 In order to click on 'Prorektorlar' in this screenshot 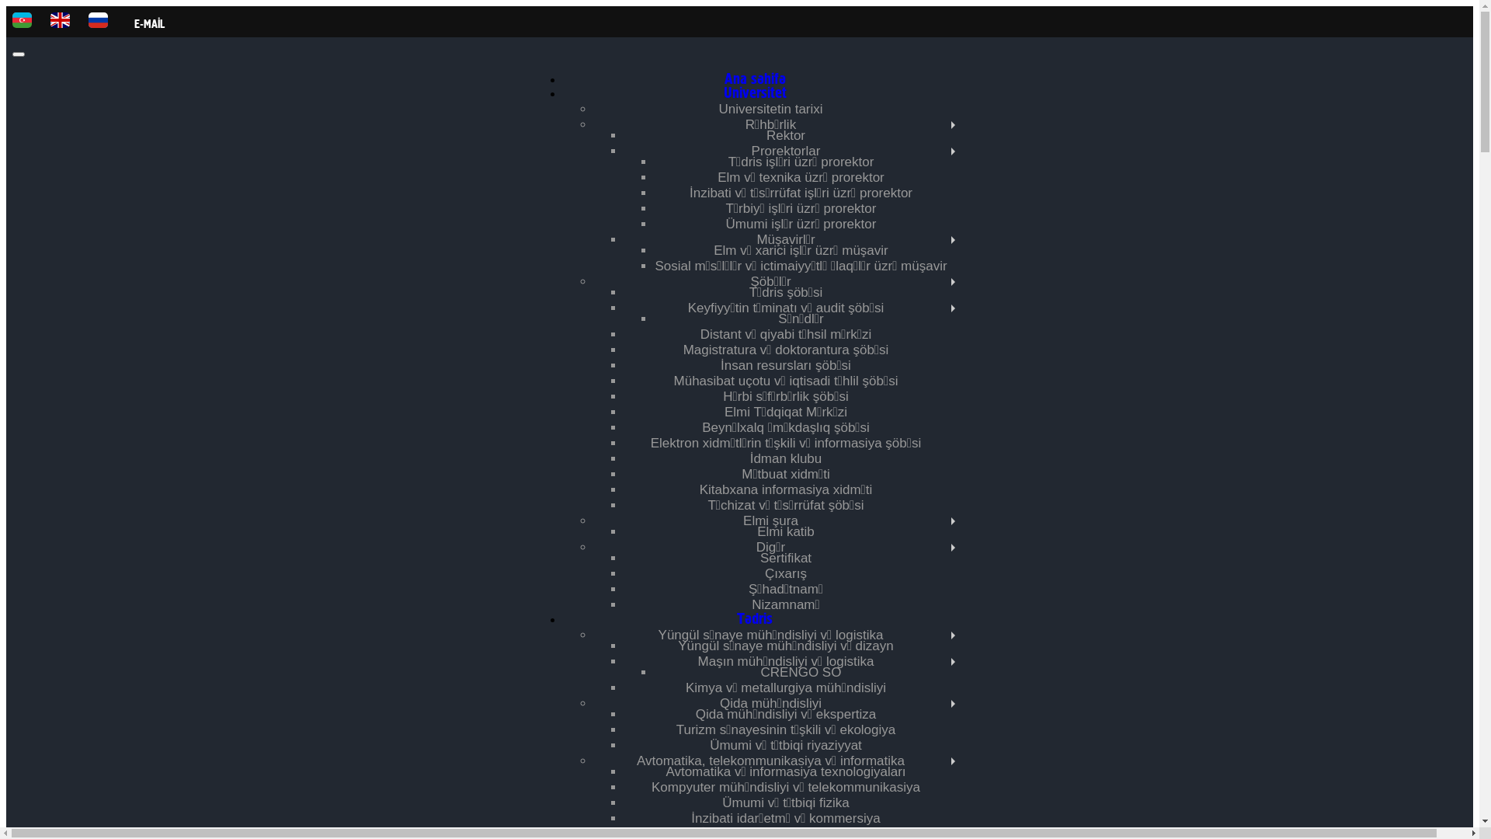, I will do `click(786, 151)`.